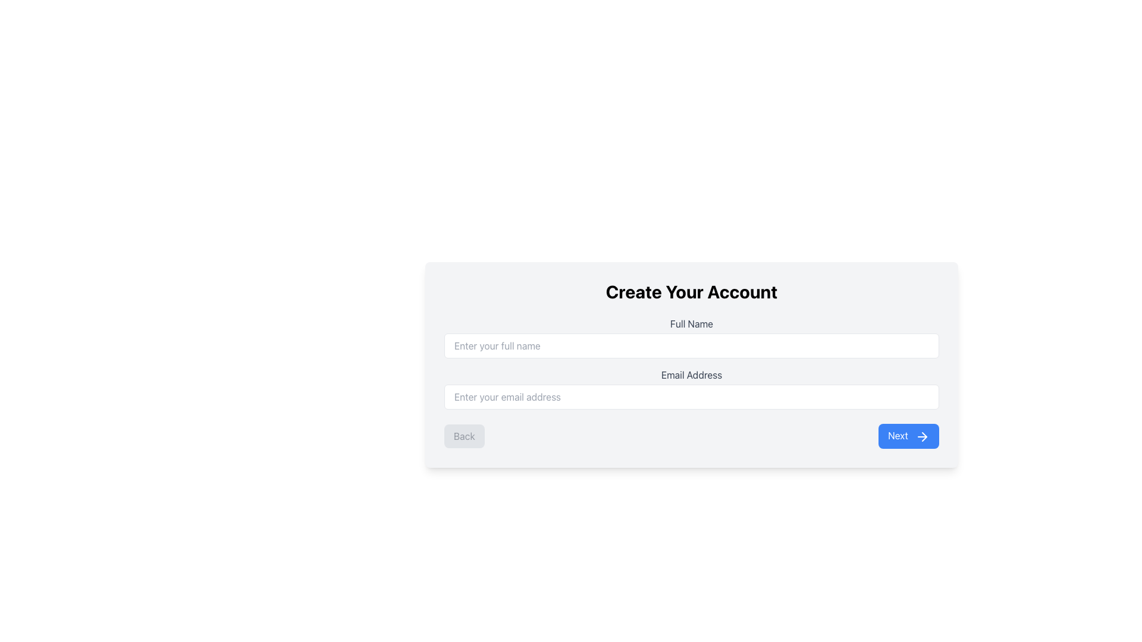 The image size is (1142, 642). I want to click on the static text label 'Full Name' which is styled with a gray font and positioned above the input field labeled 'Enter your full name' in the account creation form, so click(691, 323).